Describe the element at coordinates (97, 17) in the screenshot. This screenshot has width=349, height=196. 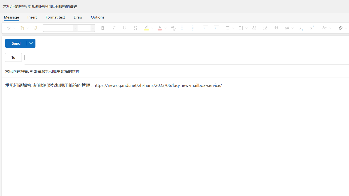
I see `'Options'` at that location.